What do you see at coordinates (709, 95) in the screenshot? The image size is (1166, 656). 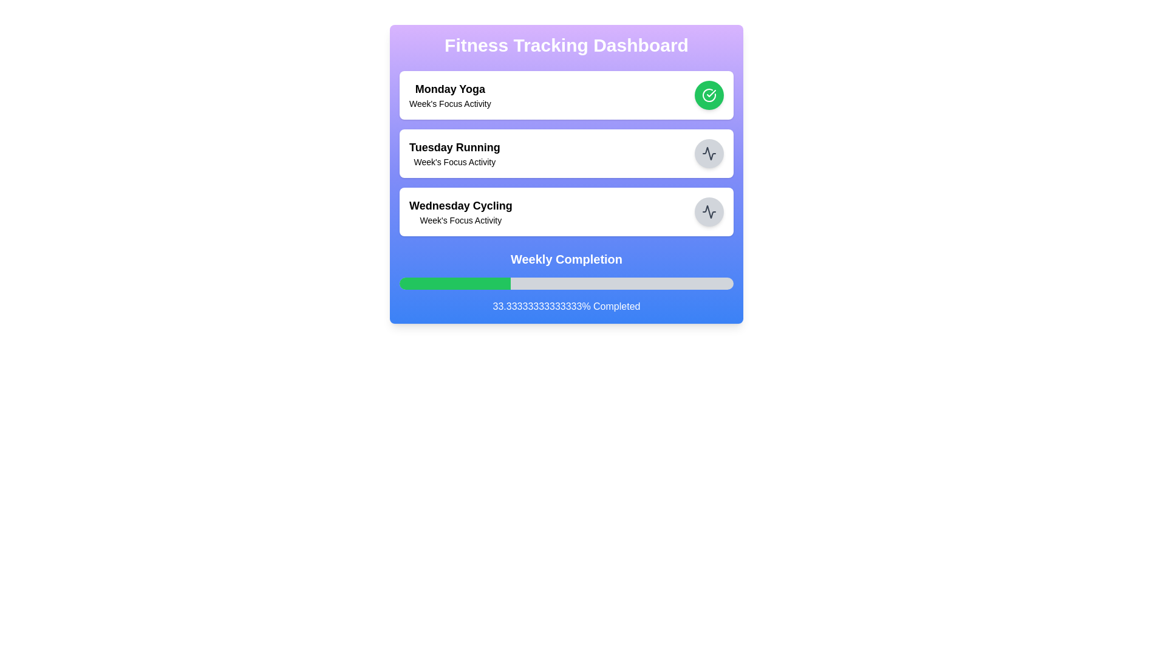 I see `the circular green button with a white checkmark icon in the top right corner of the 'Monday Yoga' row to mark the activity as completed` at bounding box center [709, 95].